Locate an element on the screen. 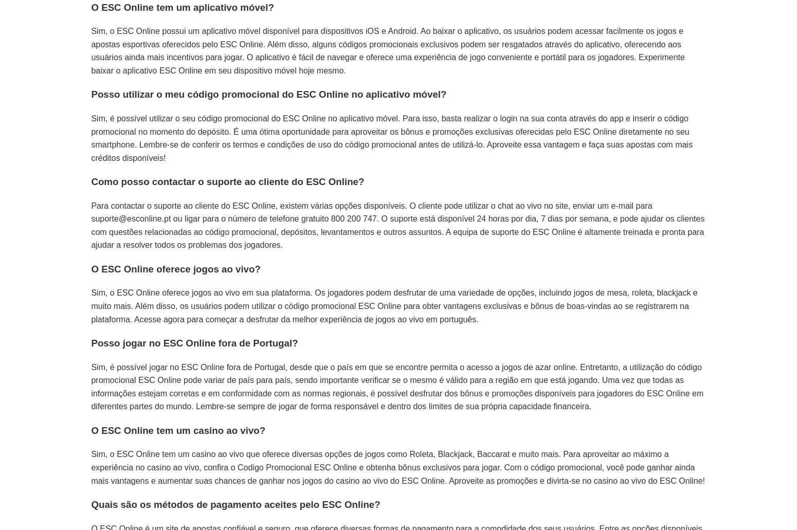  'Sim, é possível utilizar o seu código promocional do ESC Online no aplicativo móvel. Para isso, basta realizar o login na sua conta através do app e inserir o código promocional no momento do depósito. É uma ótima oportunidade para aproveitar os bônus e promoções exclusivas oferecidas pelo ESC Online diretamente no seu smartphone. Lembre-se de conferir os termos e condições de uso do código promocional antes de utilizá-lo. Aproveite essa vantagem e faça suas apostas com mais créditos disponíveis!' is located at coordinates (391, 137).